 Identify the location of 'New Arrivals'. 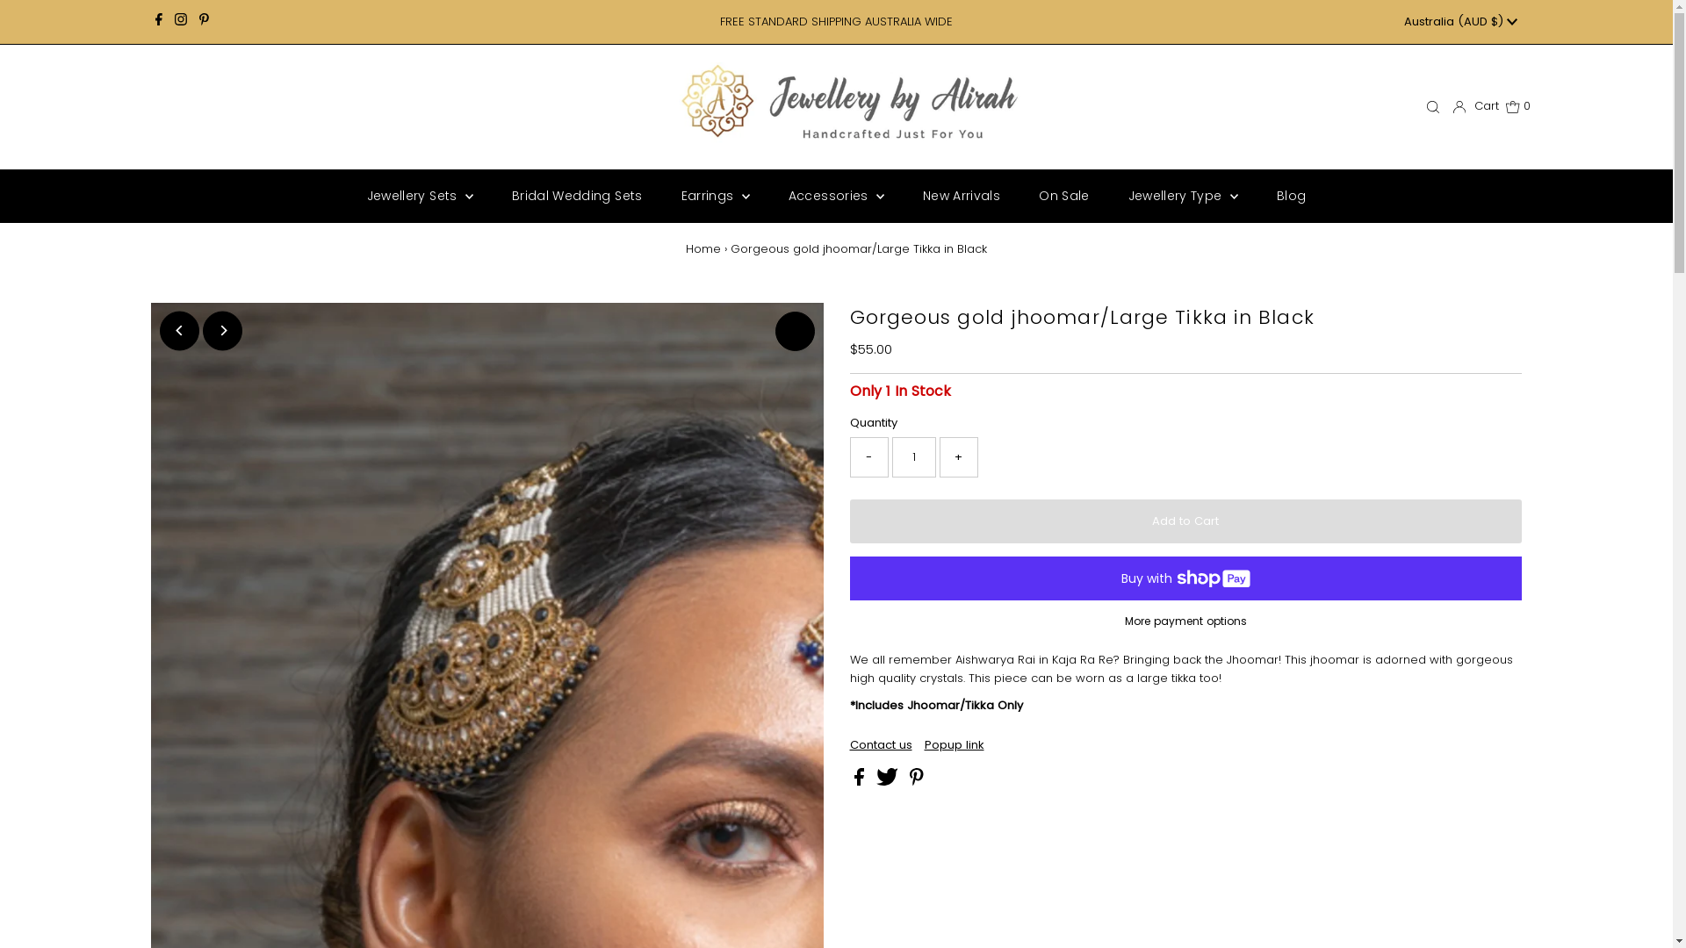
(960, 196).